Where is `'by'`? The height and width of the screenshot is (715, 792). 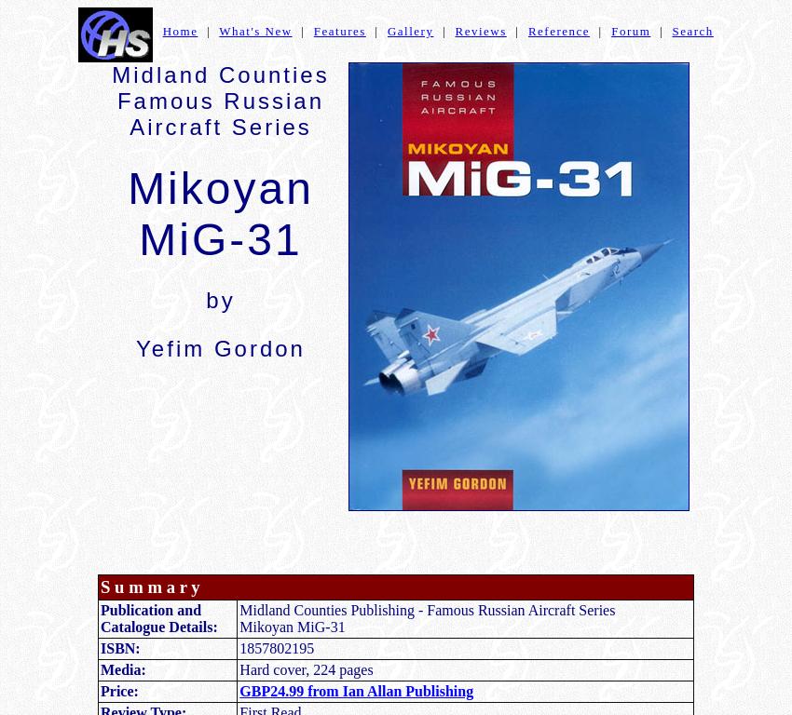
'by' is located at coordinates (220, 299).